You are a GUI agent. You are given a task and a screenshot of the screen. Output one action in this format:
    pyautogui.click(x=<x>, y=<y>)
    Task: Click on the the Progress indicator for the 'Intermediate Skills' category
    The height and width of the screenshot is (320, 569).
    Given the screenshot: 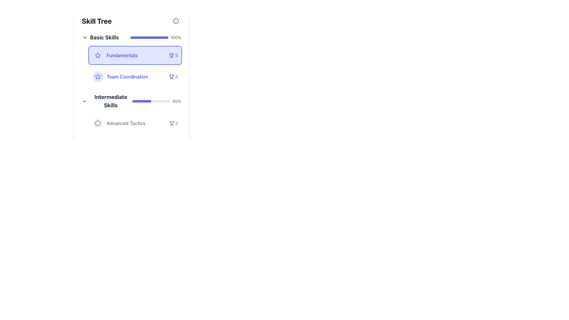 What is the action you would take?
    pyautogui.click(x=131, y=101)
    